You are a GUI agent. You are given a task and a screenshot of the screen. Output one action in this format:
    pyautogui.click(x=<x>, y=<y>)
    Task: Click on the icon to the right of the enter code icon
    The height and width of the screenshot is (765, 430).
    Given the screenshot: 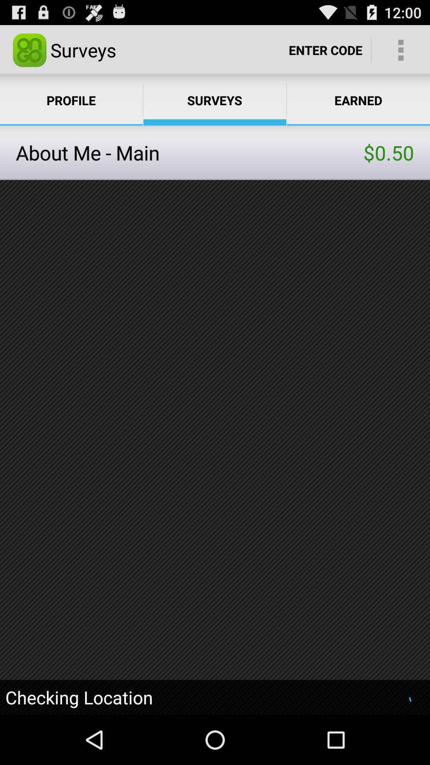 What is the action you would take?
    pyautogui.click(x=401, y=49)
    